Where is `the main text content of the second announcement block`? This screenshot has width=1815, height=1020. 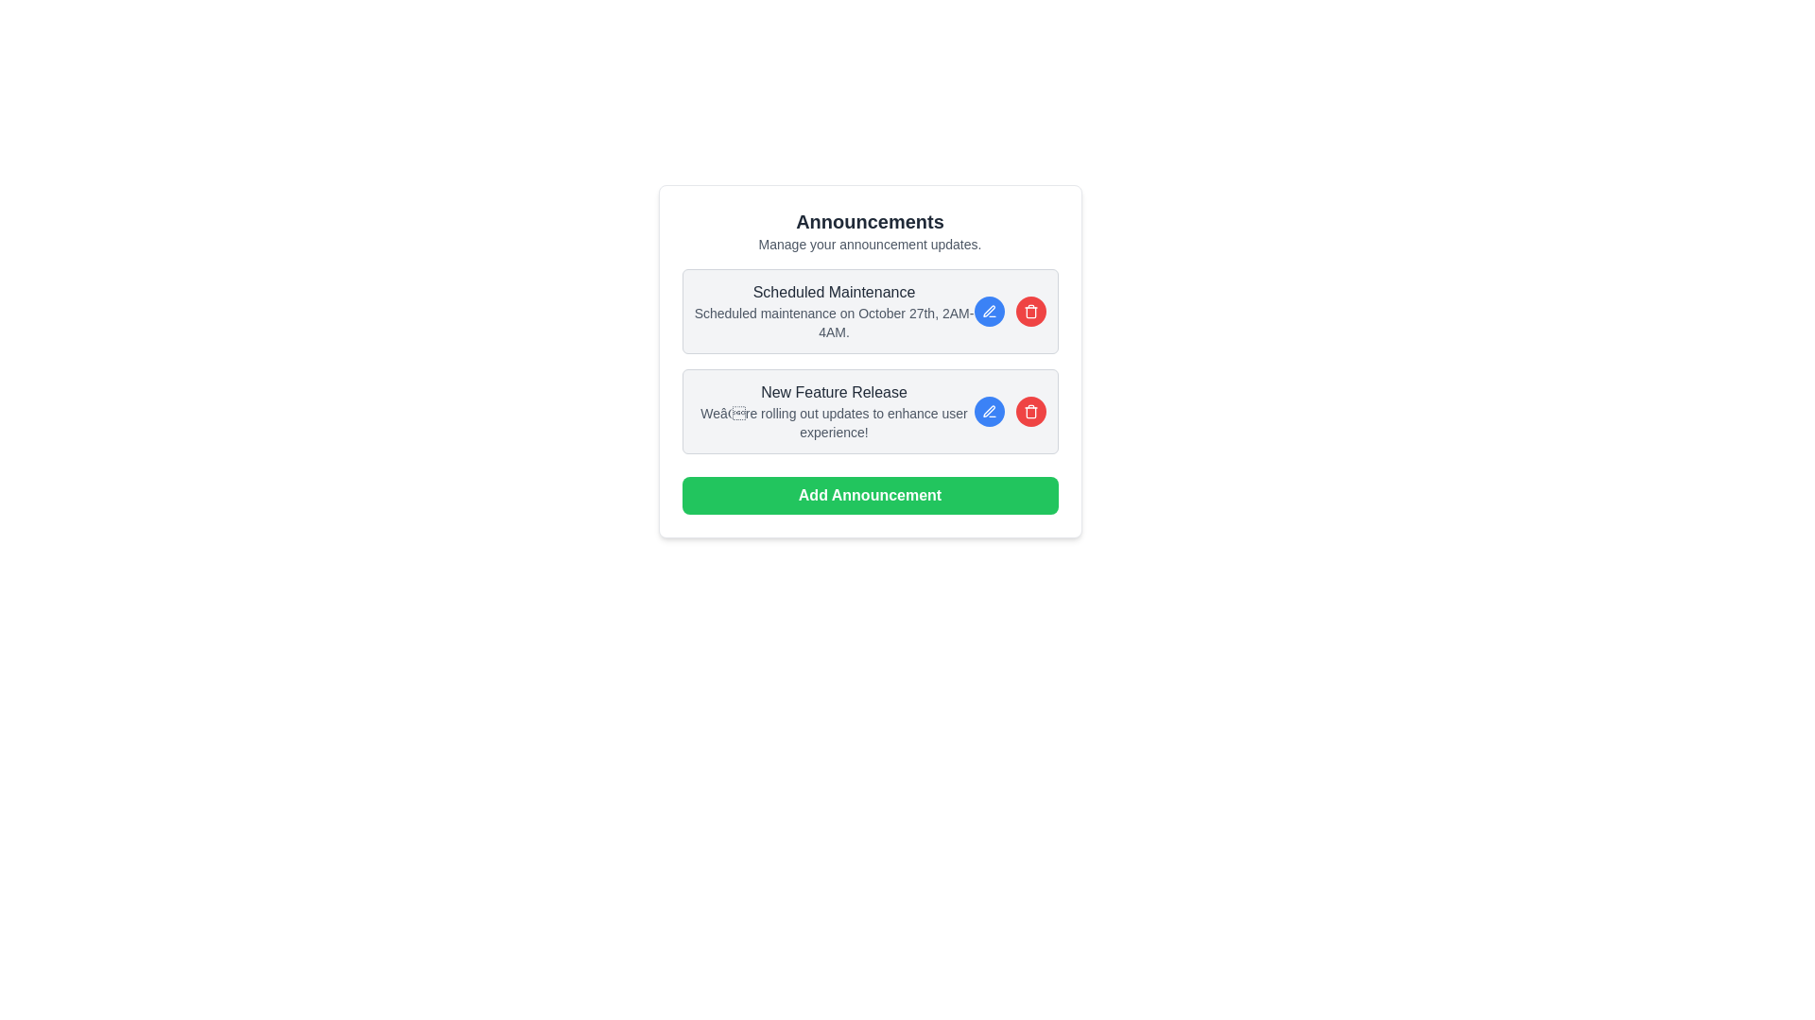 the main text content of the second announcement block is located at coordinates (833, 410).